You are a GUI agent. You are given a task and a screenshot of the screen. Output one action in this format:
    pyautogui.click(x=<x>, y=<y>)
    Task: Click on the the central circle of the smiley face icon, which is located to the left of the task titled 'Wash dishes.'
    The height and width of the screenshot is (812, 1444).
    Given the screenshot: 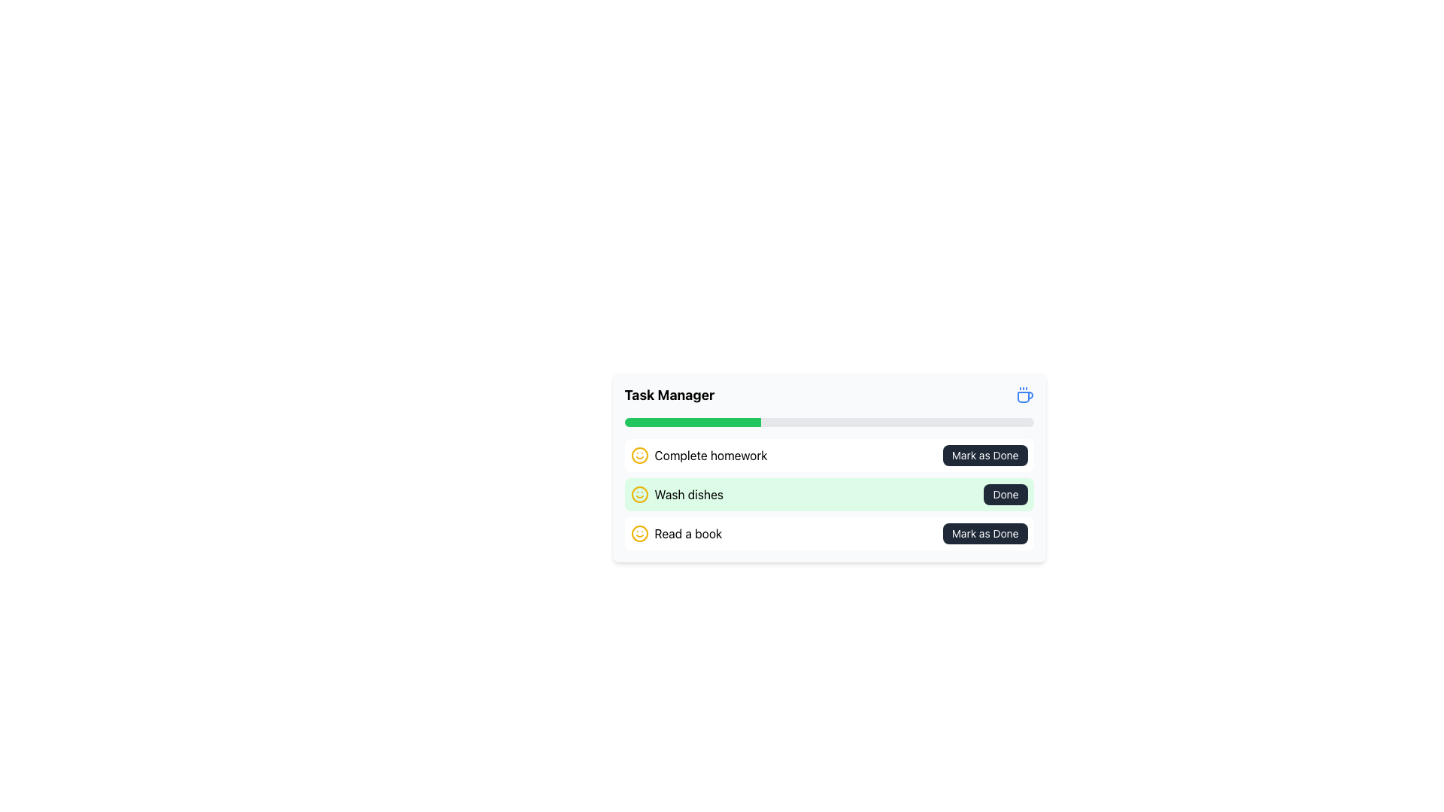 What is the action you would take?
    pyautogui.click(x=639, y=454)
    